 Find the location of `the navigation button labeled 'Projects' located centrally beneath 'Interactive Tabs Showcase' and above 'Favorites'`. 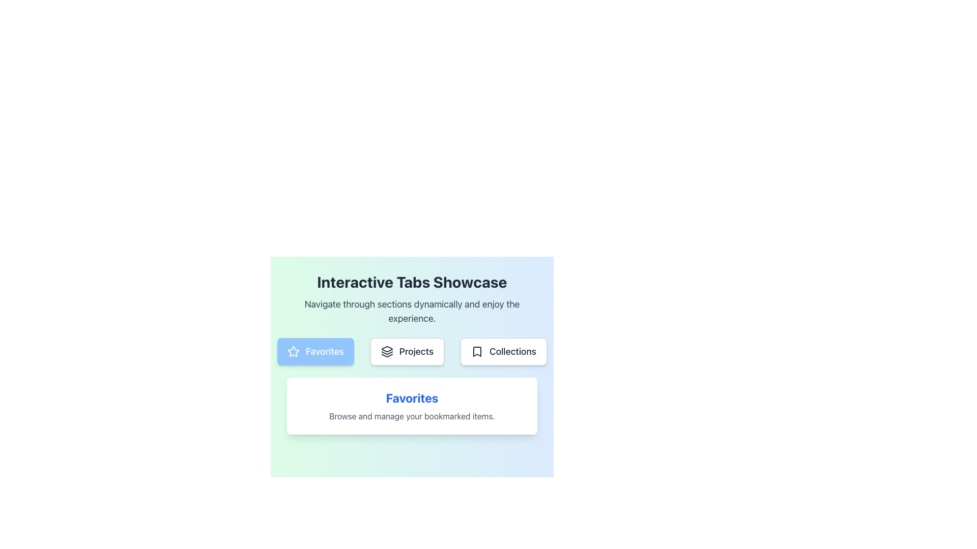

the navigation button labeled 'Projects' located centrally beneath 'Interactive Tabs Showcase' and above 'Favorites' is located at coordinates (412, 360).